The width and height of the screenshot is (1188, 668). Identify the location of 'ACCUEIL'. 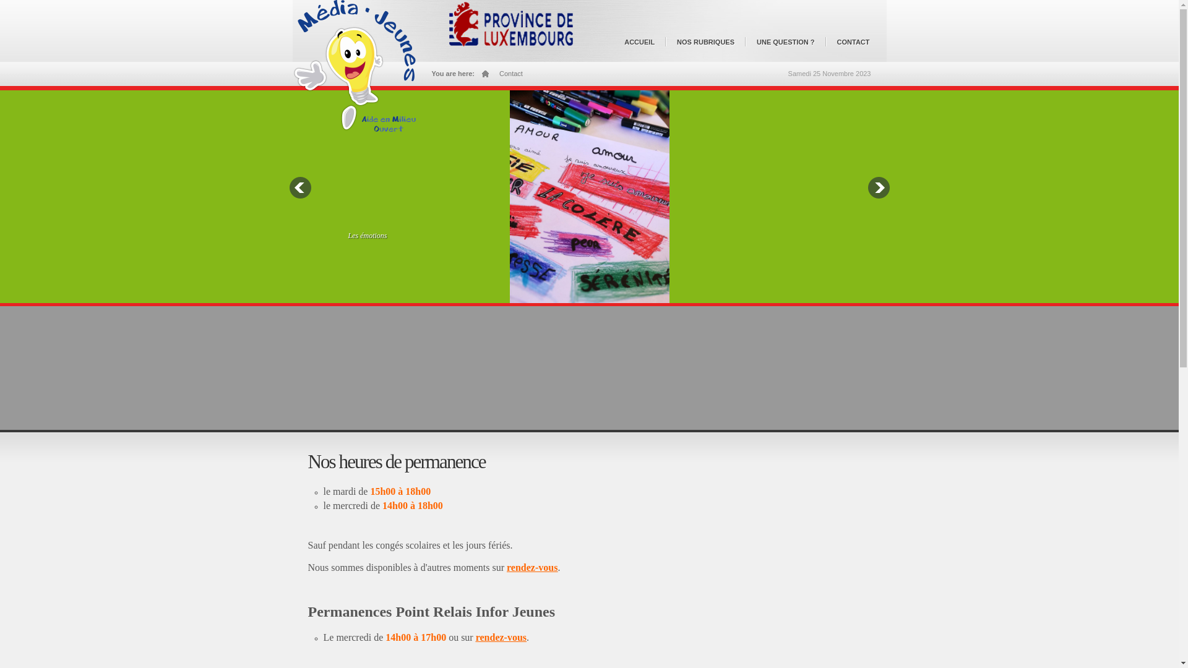
(642, 47).